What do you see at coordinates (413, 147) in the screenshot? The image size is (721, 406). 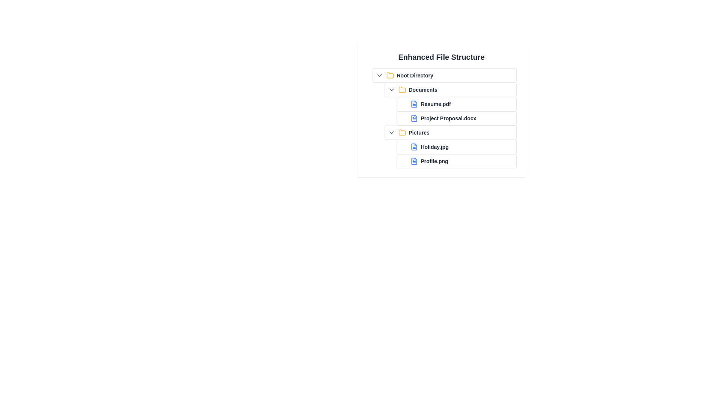 I see `the File icon representing 'Holiday.jpg'` at bounding box center [413, 147].